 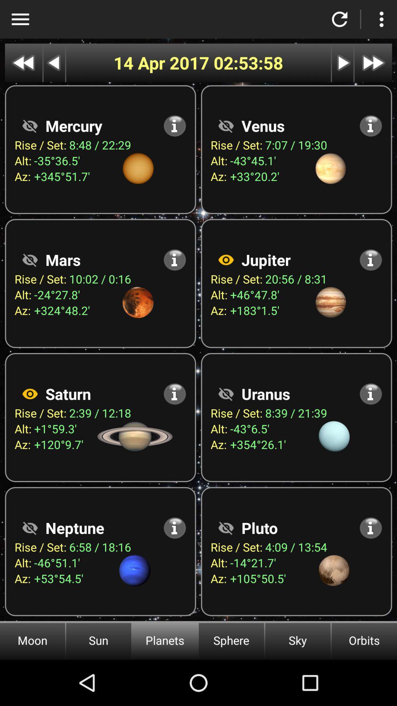 What do you see at coordinates (23, 63) in the screenshot?
I see `go back` at bounding box center [23, 63].